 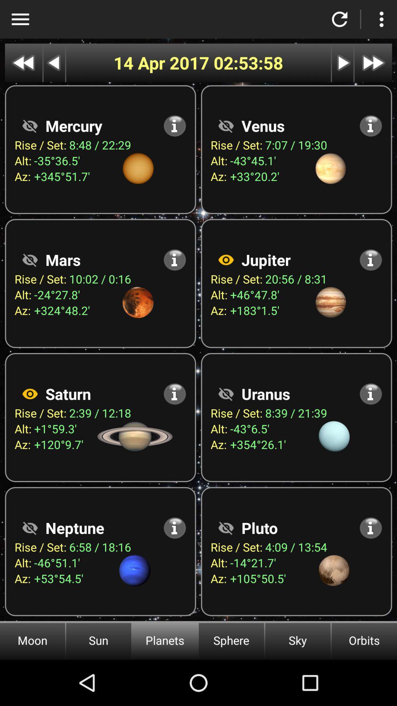 What do you see at coordinates (23, 63) in the screenshot?
I see `go back` at bounding box center [23, 63].